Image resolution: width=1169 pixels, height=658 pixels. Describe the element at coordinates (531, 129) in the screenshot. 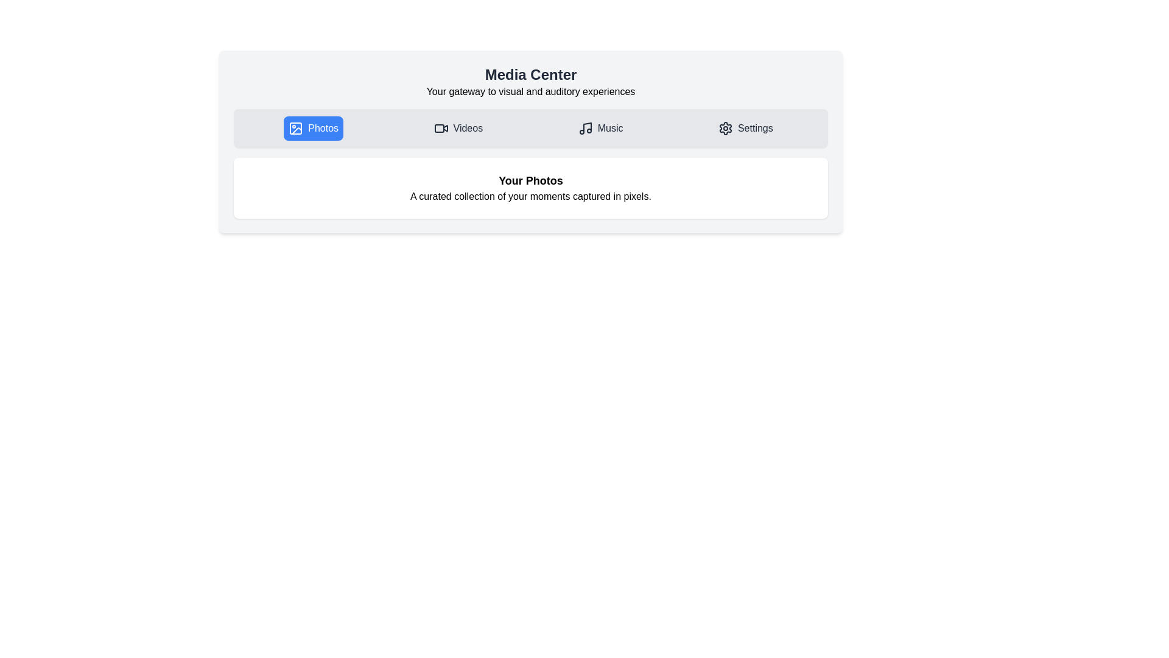

I see `the 'Music' button on the Navigation bar located in the Media Center section` at that location.